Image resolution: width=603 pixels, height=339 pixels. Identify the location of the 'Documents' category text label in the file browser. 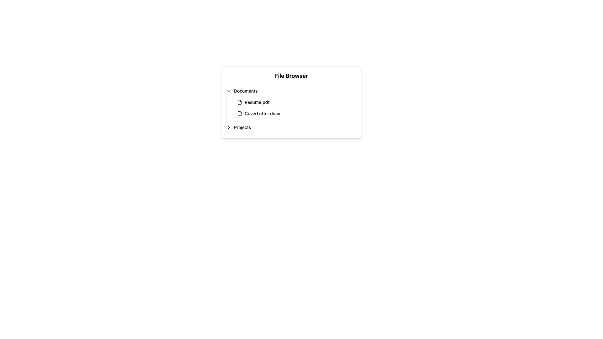
(245, 91).